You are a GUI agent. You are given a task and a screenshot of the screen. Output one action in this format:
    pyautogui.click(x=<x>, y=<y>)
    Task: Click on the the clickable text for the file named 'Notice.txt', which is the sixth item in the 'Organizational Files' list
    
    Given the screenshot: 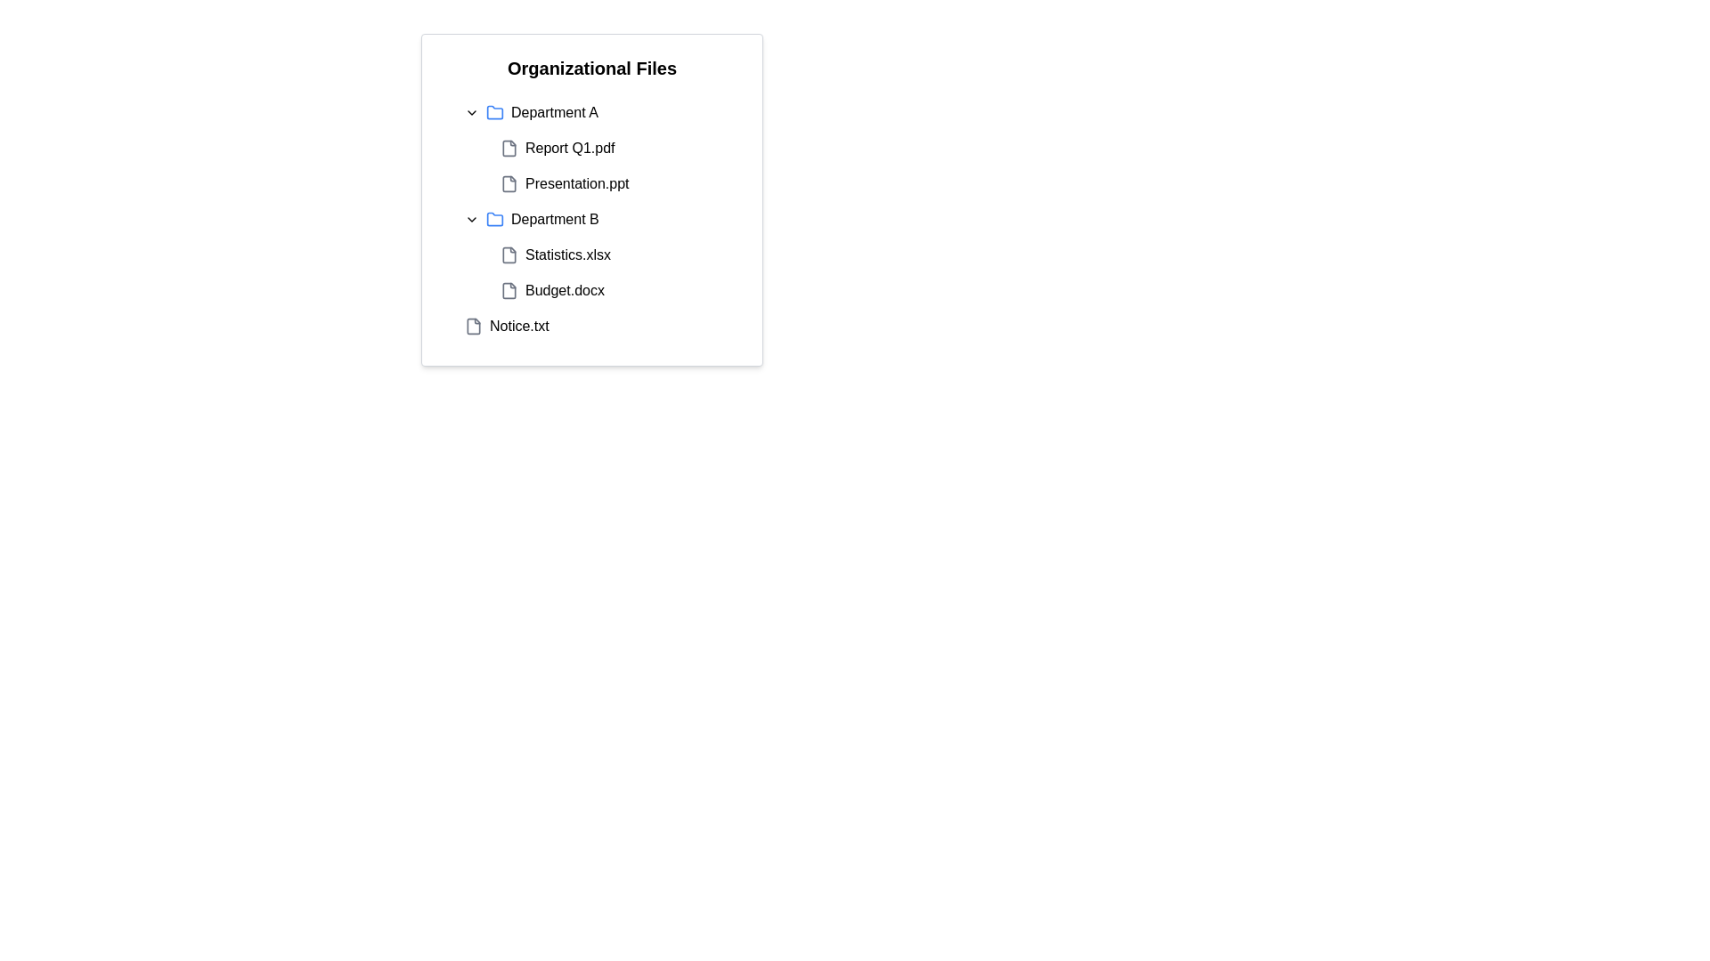 What is the action you would take?
    pyautogui.click(x=506, y=326)
    